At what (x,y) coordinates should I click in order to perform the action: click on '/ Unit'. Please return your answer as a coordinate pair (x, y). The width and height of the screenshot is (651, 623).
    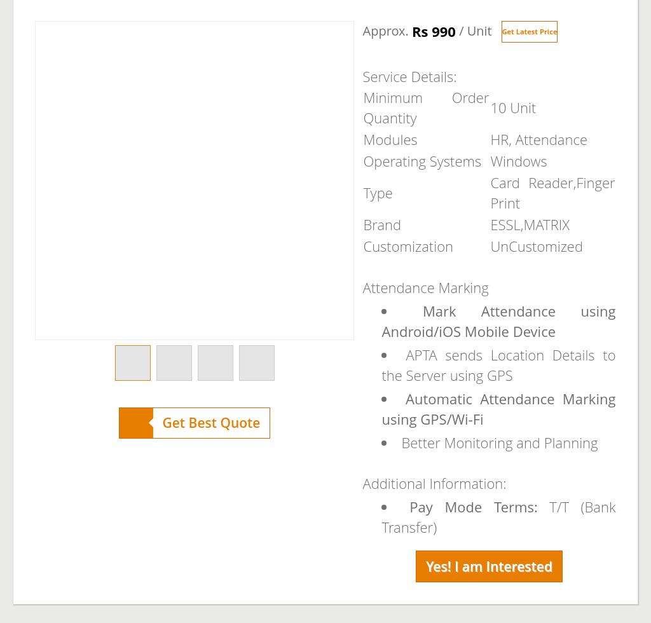
    Looking at the image, I should click on (472, 31).